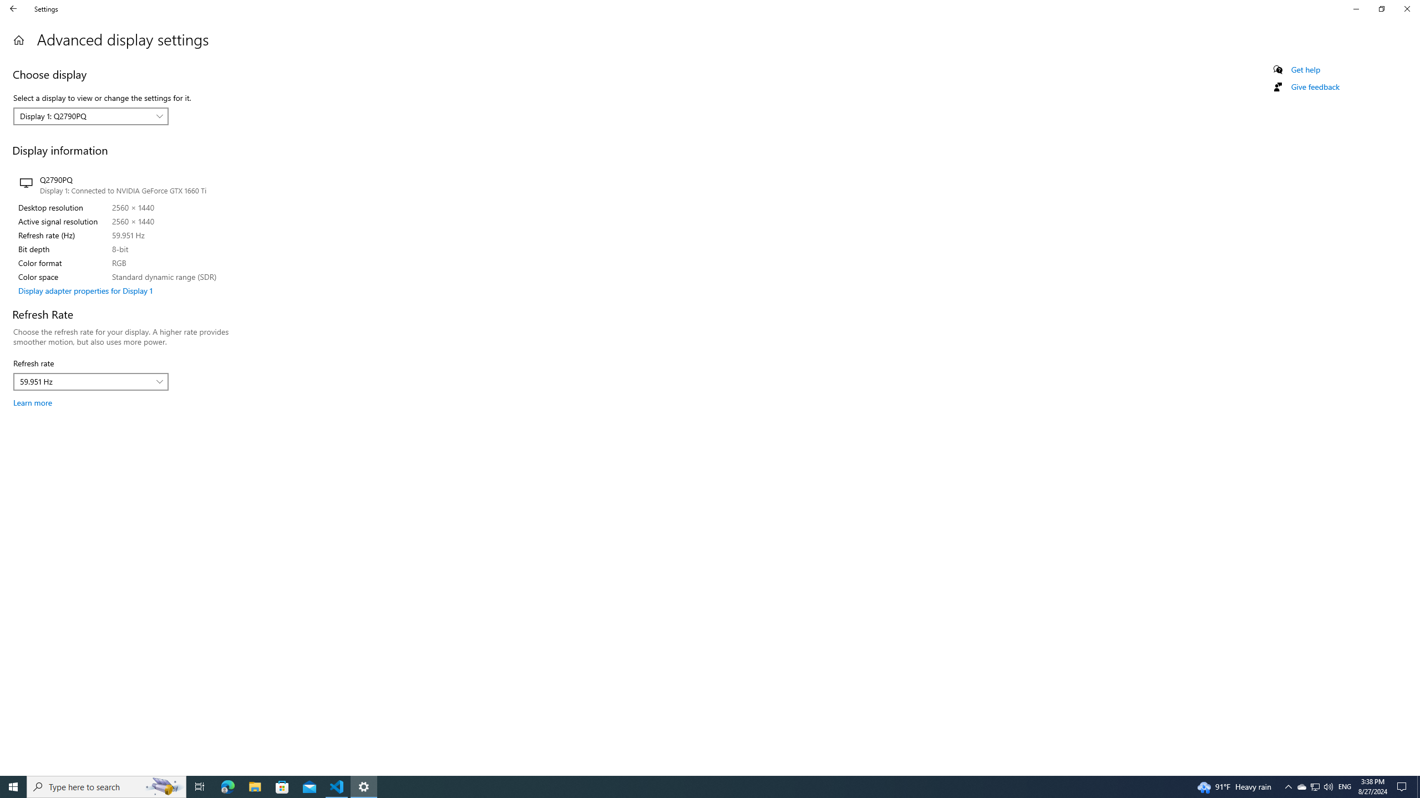 Image resolution: width=1420 pixels, height=798 pixels. What do you see at coordinates (90, 116) in the screenshot?
I see `'Select a display to view or change the settings for it.'` at bounding box center [90, 116].